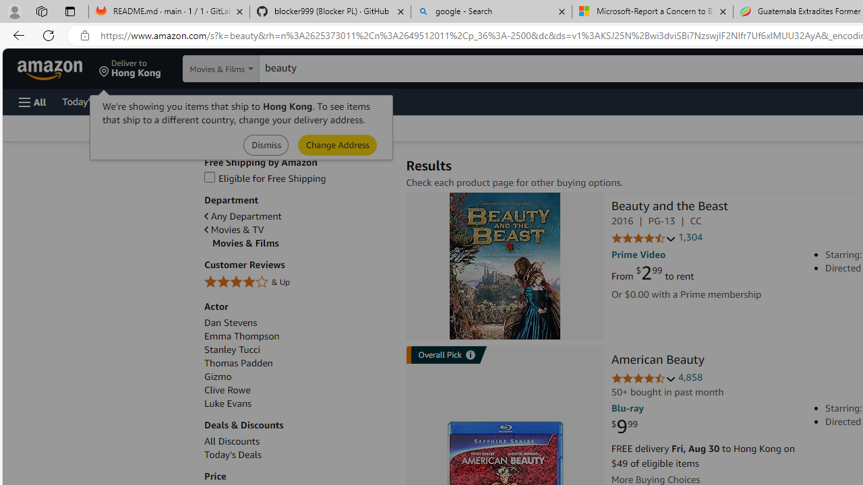 This screenshot has height=485, width=863. What do you see at coordinates (233, 455) in the screenshot?
I see `'Today'` at bounding box center [233, 455].